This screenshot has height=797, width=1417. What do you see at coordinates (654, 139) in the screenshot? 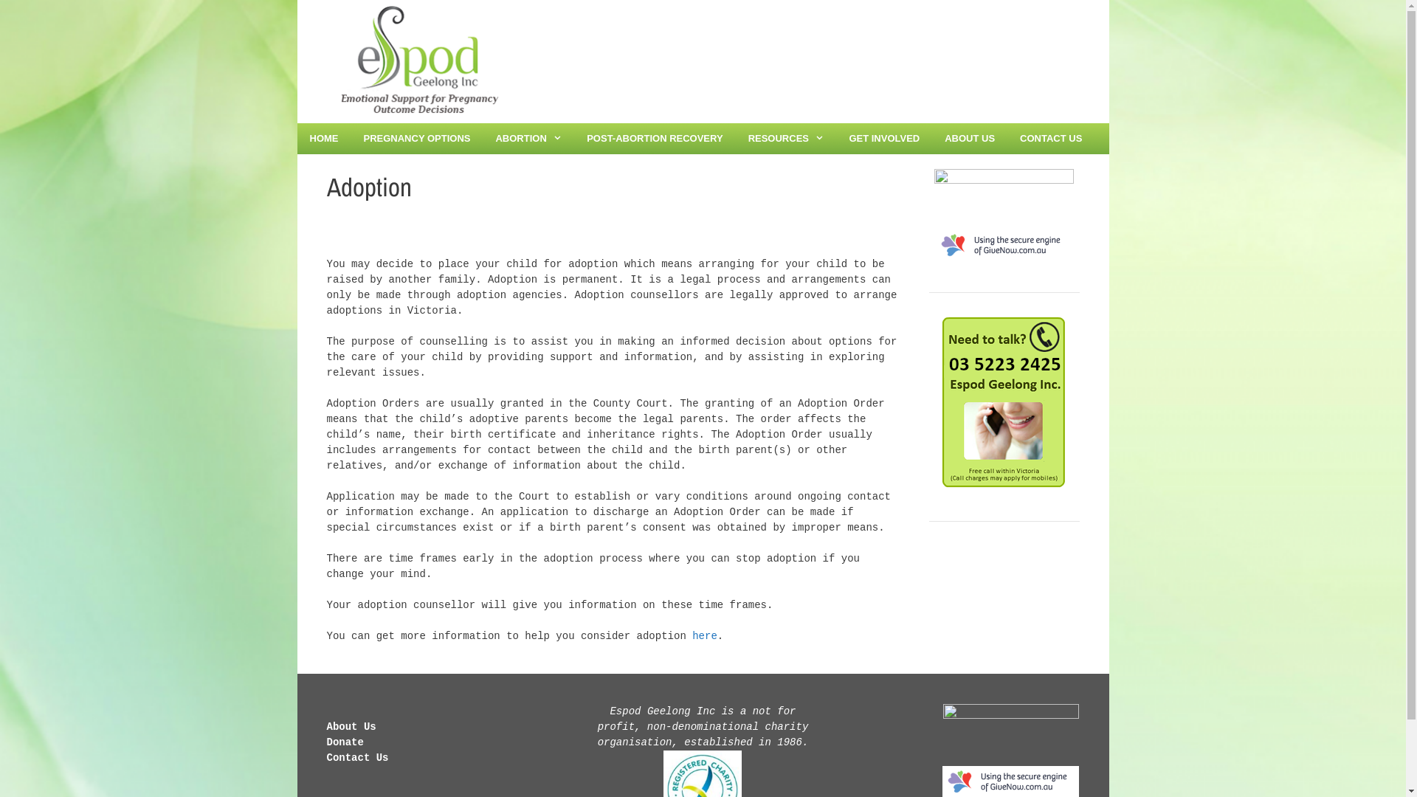
I see `'POST-ABORTION RECOVERY'` at bounding box center [654, 139].